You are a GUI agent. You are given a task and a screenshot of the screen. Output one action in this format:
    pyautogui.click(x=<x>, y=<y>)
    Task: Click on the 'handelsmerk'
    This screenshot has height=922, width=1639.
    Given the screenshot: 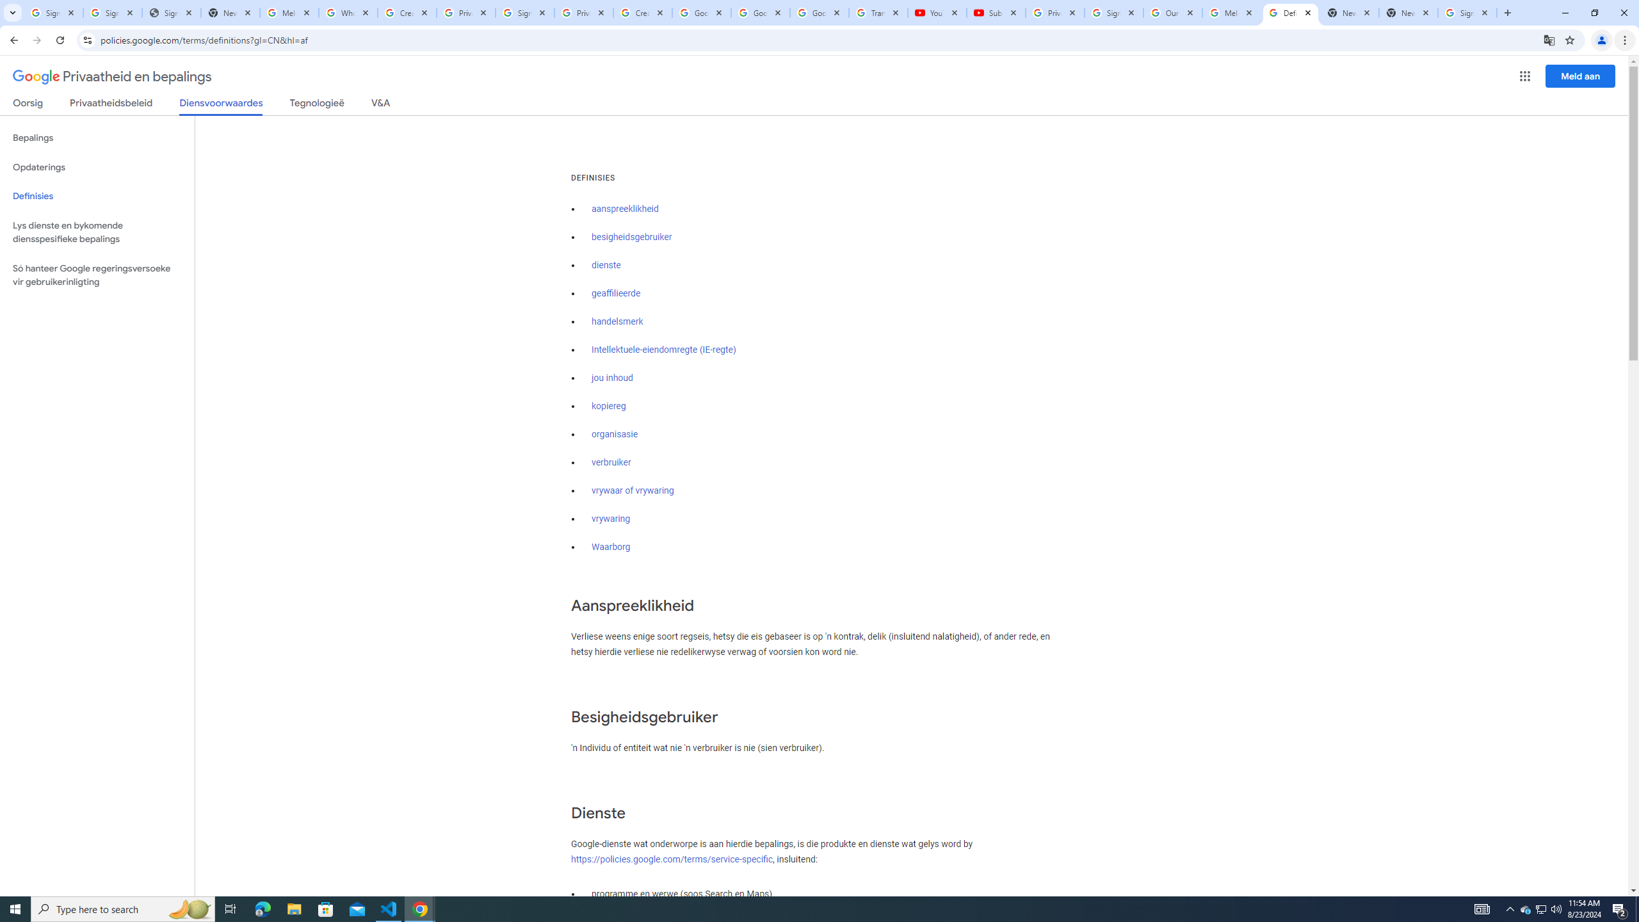 What is the action you would take?
    pyautogui.click(x=618, y=321)
    